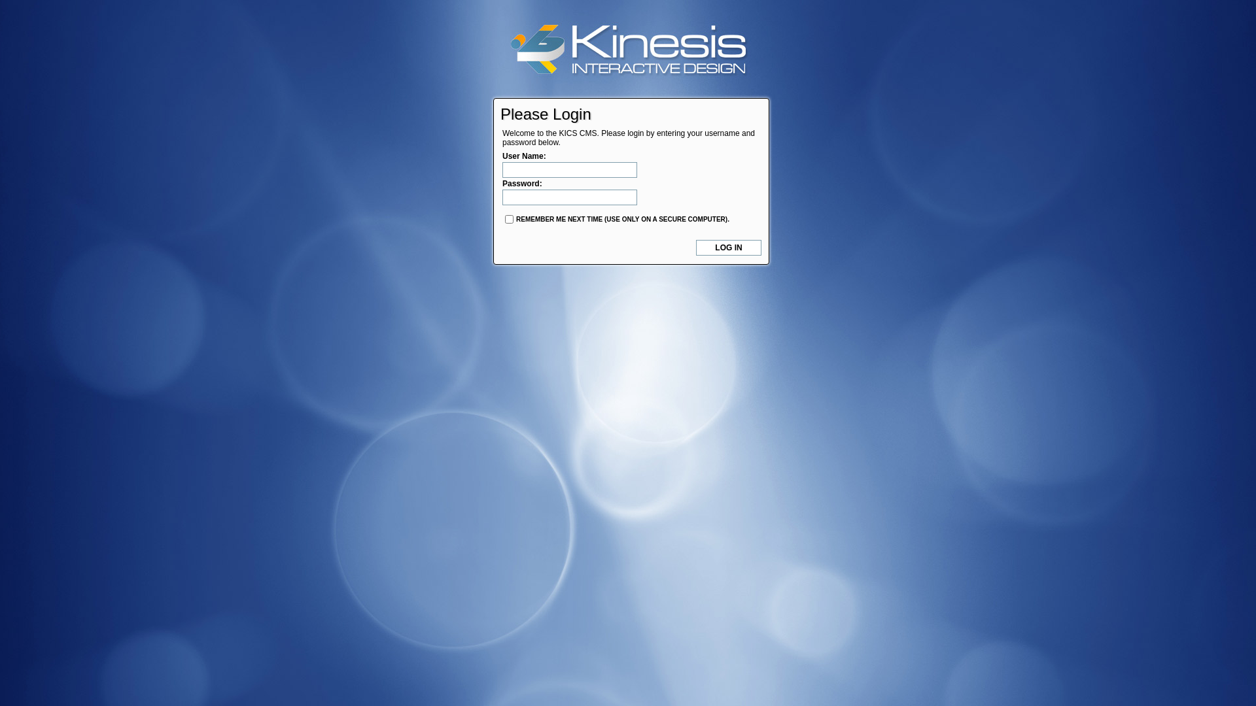 This screenshot has height=706, width=1256. Describe the element at coordinates (695, 247) in the screenshot. I see `'Log In'` at that location.